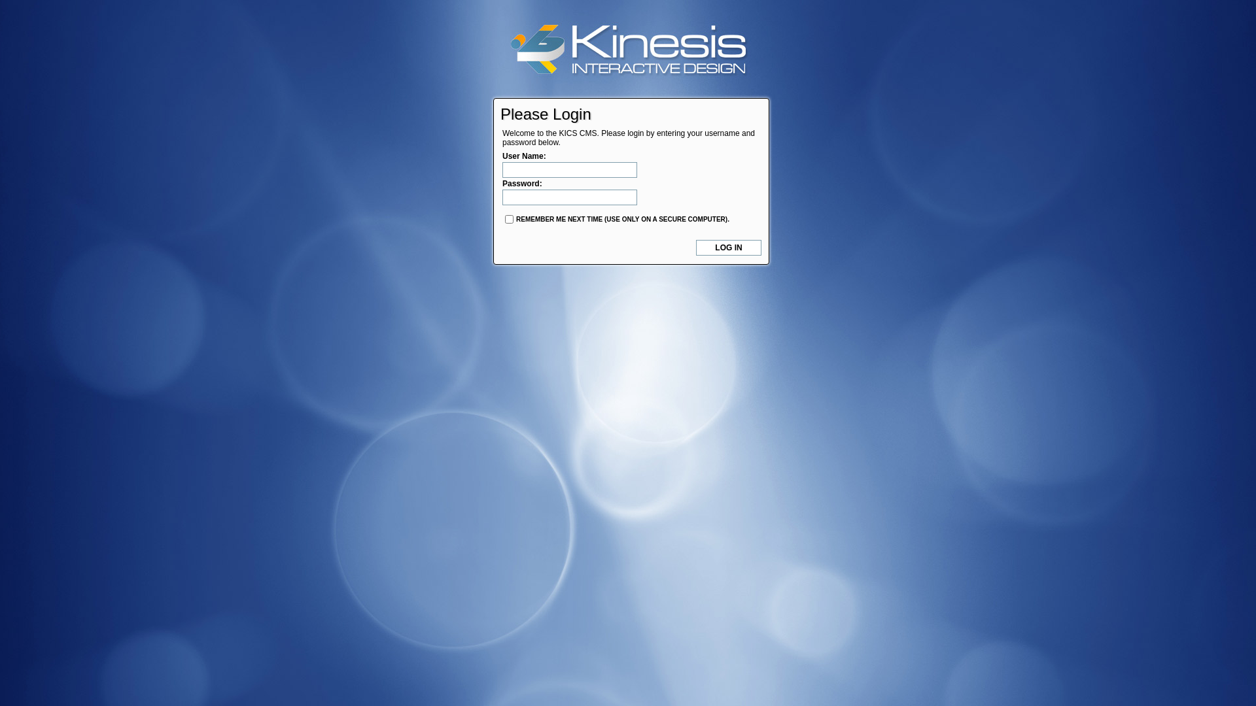 This screenshot has height=706, width=1256. Describe the element at coordinates (695, 247) in the screenshot. I see `'Log In'` at that location.